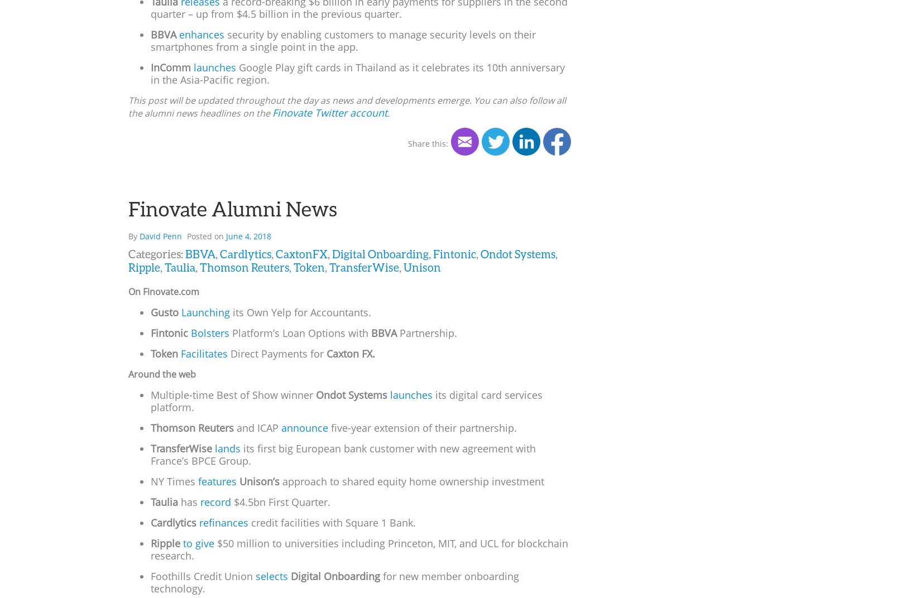 The height and width of the screenshot is (598, 921). What do you see at coordinates (160, 235) in the screenshot?
I see `'David Penn'` at bounding box center [160, 235].